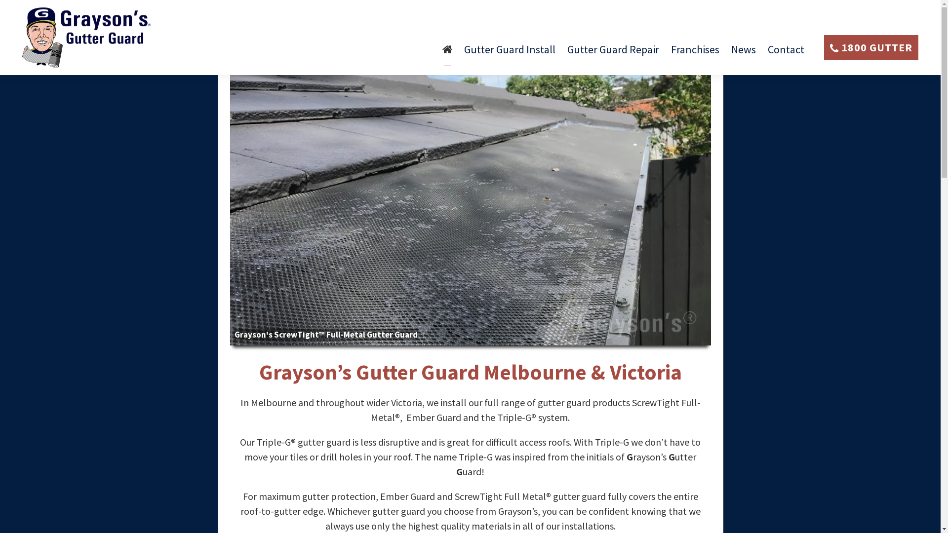  Describe the element at coordinates (447, 53) in the screenshot. I see `'Home'` at that location.